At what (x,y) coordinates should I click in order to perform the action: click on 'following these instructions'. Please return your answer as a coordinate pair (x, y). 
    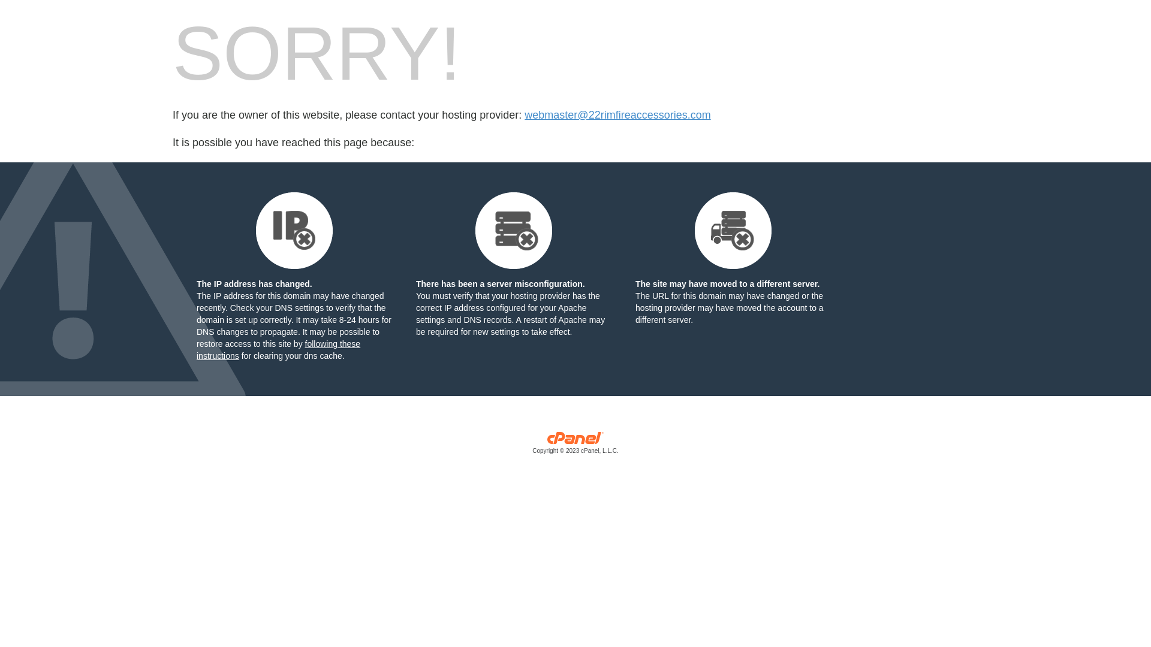
    Looking at the image, I should click on (278, 349).